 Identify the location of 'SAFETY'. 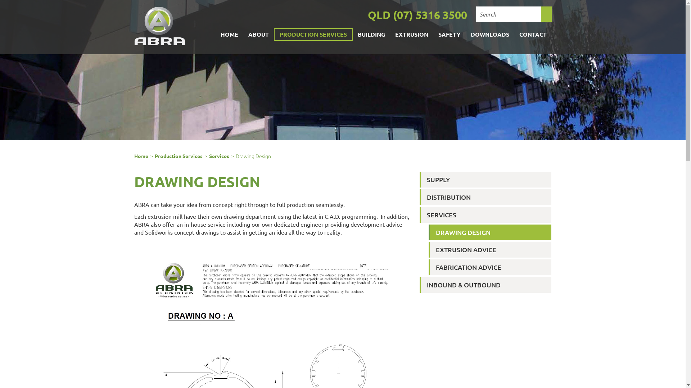
(449, 34).